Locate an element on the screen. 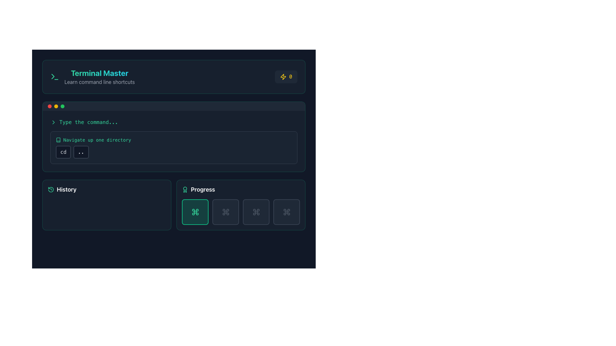  command-shaped icon resembling a clover located in the 'Progress' section, which is the second button in a sequence of four similar buttons is located at coordinates (226, 212).